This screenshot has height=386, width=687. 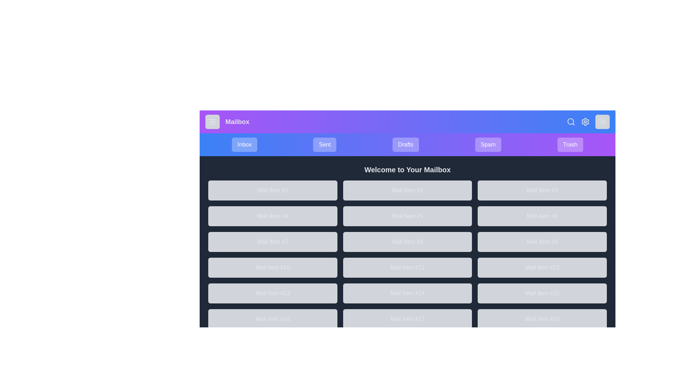 I want to click on the mailbox category Sent to view its contents, so click(x=324, y=145).